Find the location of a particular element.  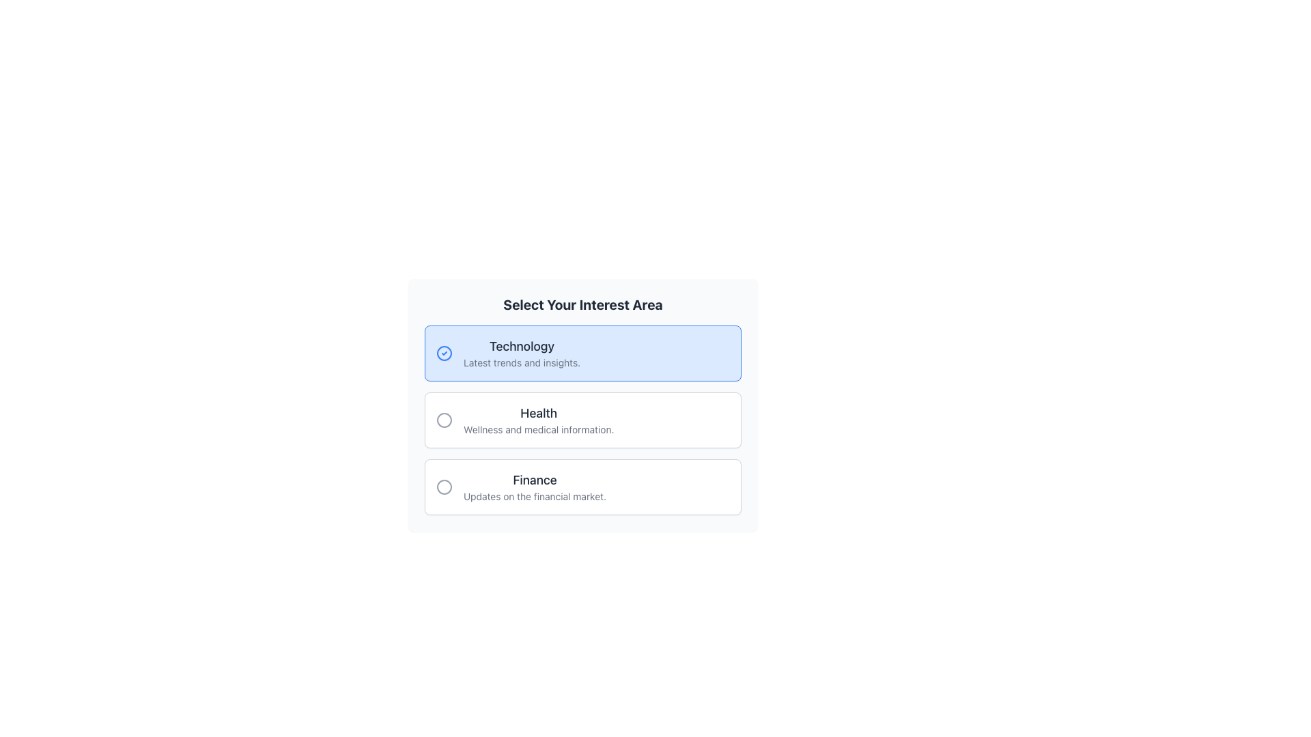

the interactive blue circular icon with a checkmark is located at coordinates (445, 352).